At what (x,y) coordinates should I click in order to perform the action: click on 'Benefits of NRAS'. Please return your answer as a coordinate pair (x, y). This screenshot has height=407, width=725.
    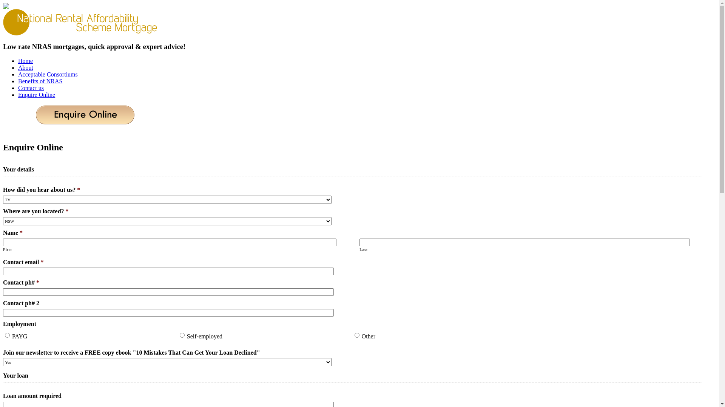
    Looking at the image, I should click on (40, 81).